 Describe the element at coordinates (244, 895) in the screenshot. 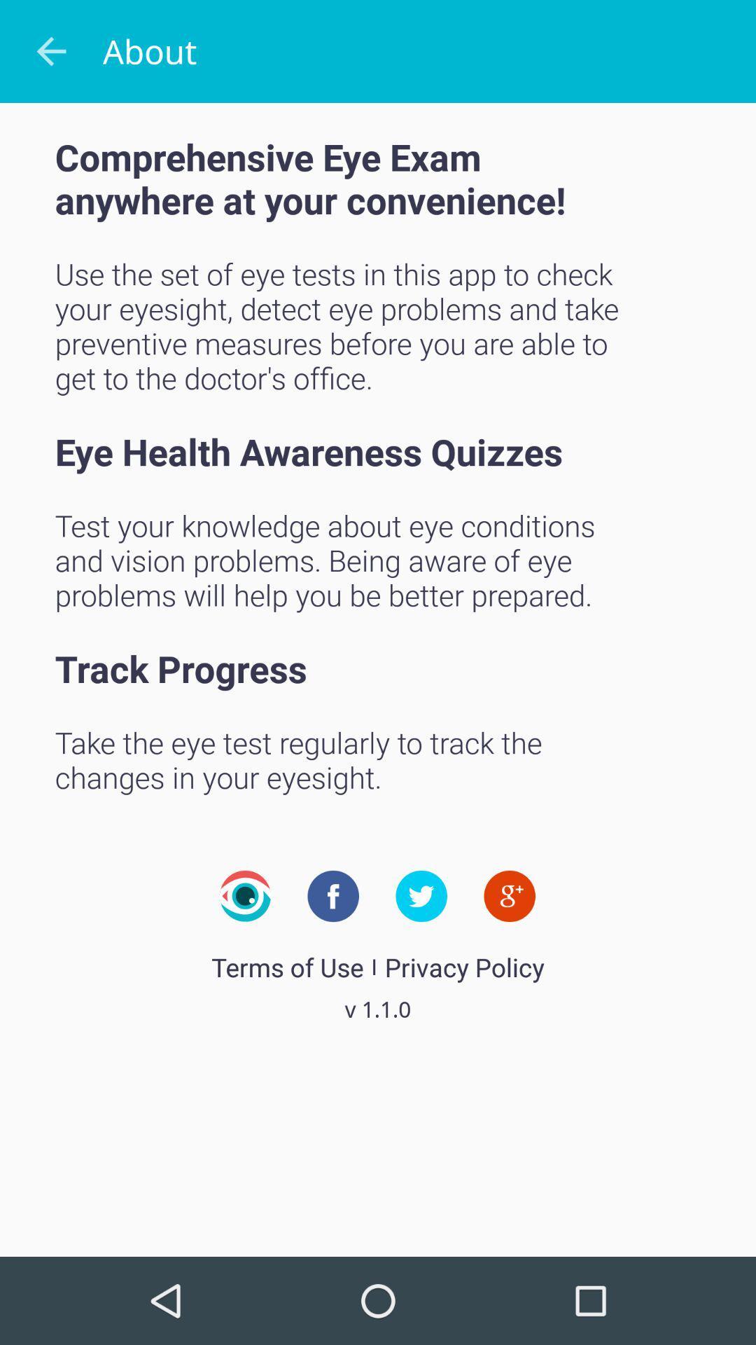

I see `icon above the terms of use` at that location.